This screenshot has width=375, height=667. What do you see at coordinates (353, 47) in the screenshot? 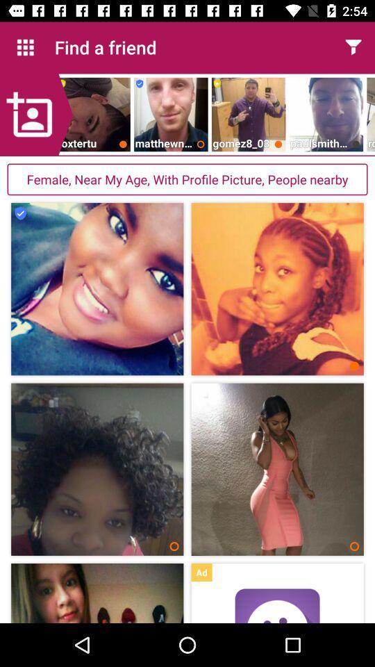
I see `the item next to find a friend app` at bounding box center [353, 47].